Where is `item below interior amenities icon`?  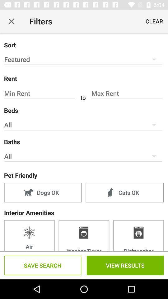
item below interior amenities icon is located at coordinates (138, 235).